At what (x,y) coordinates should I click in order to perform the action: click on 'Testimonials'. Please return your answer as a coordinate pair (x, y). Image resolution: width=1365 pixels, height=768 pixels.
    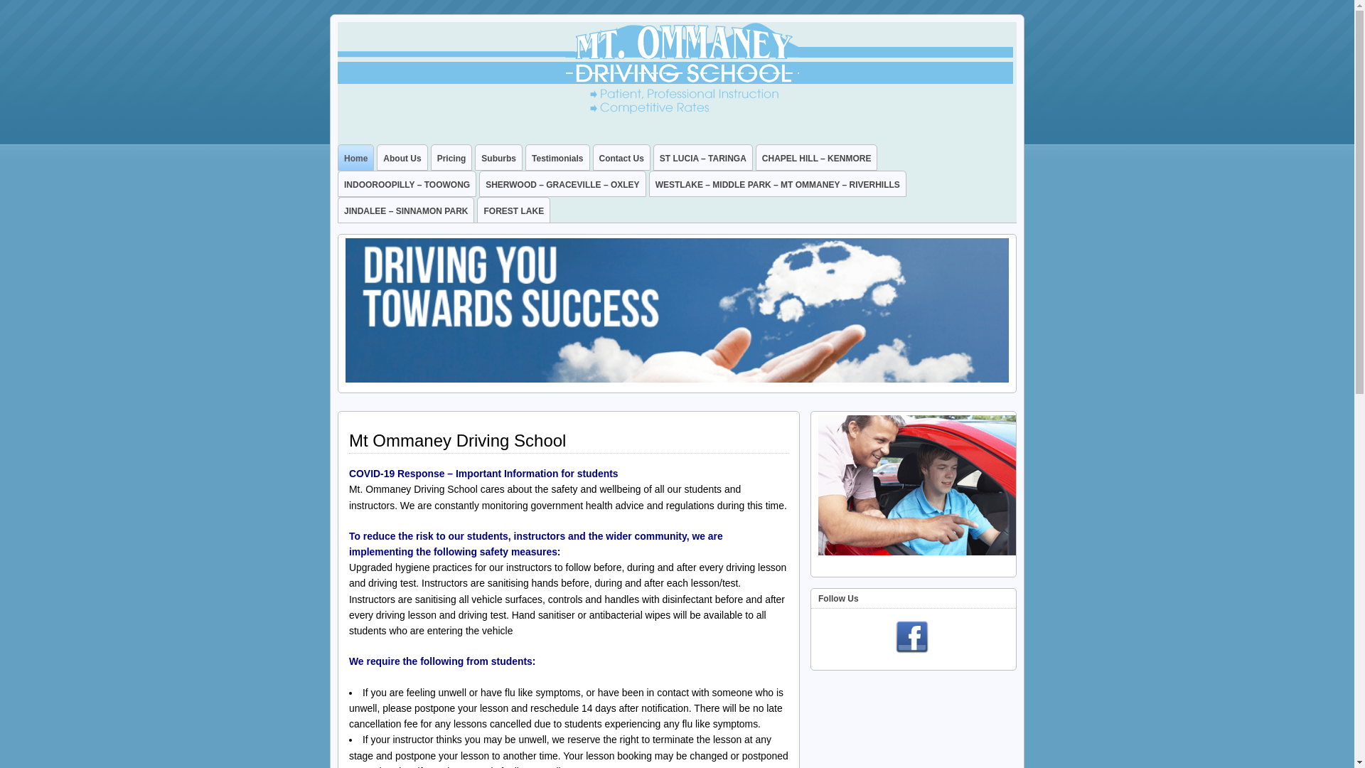
    Looking at the image, I should click on (556, 157).